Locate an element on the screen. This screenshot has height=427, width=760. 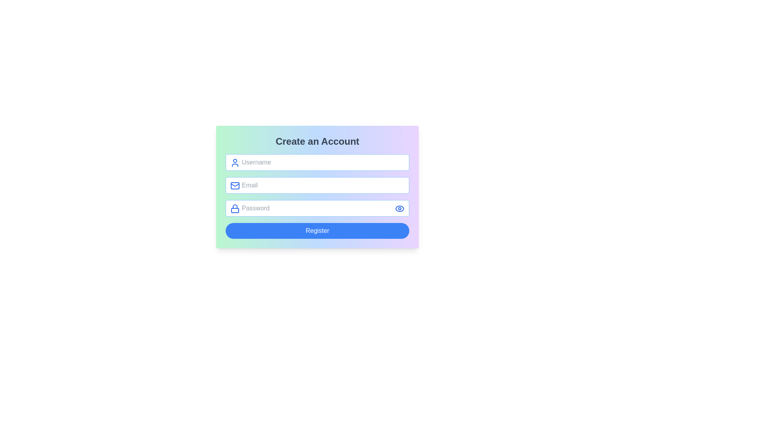
the email icon located in the top-left part of the email input field, which serves as a visual indicator for email address input is located at coordinates (235, 186).